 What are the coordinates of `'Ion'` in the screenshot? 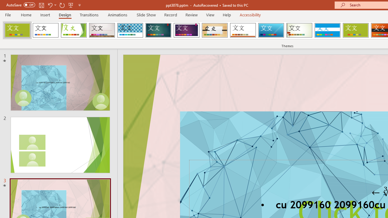 It's located at (158, 30).